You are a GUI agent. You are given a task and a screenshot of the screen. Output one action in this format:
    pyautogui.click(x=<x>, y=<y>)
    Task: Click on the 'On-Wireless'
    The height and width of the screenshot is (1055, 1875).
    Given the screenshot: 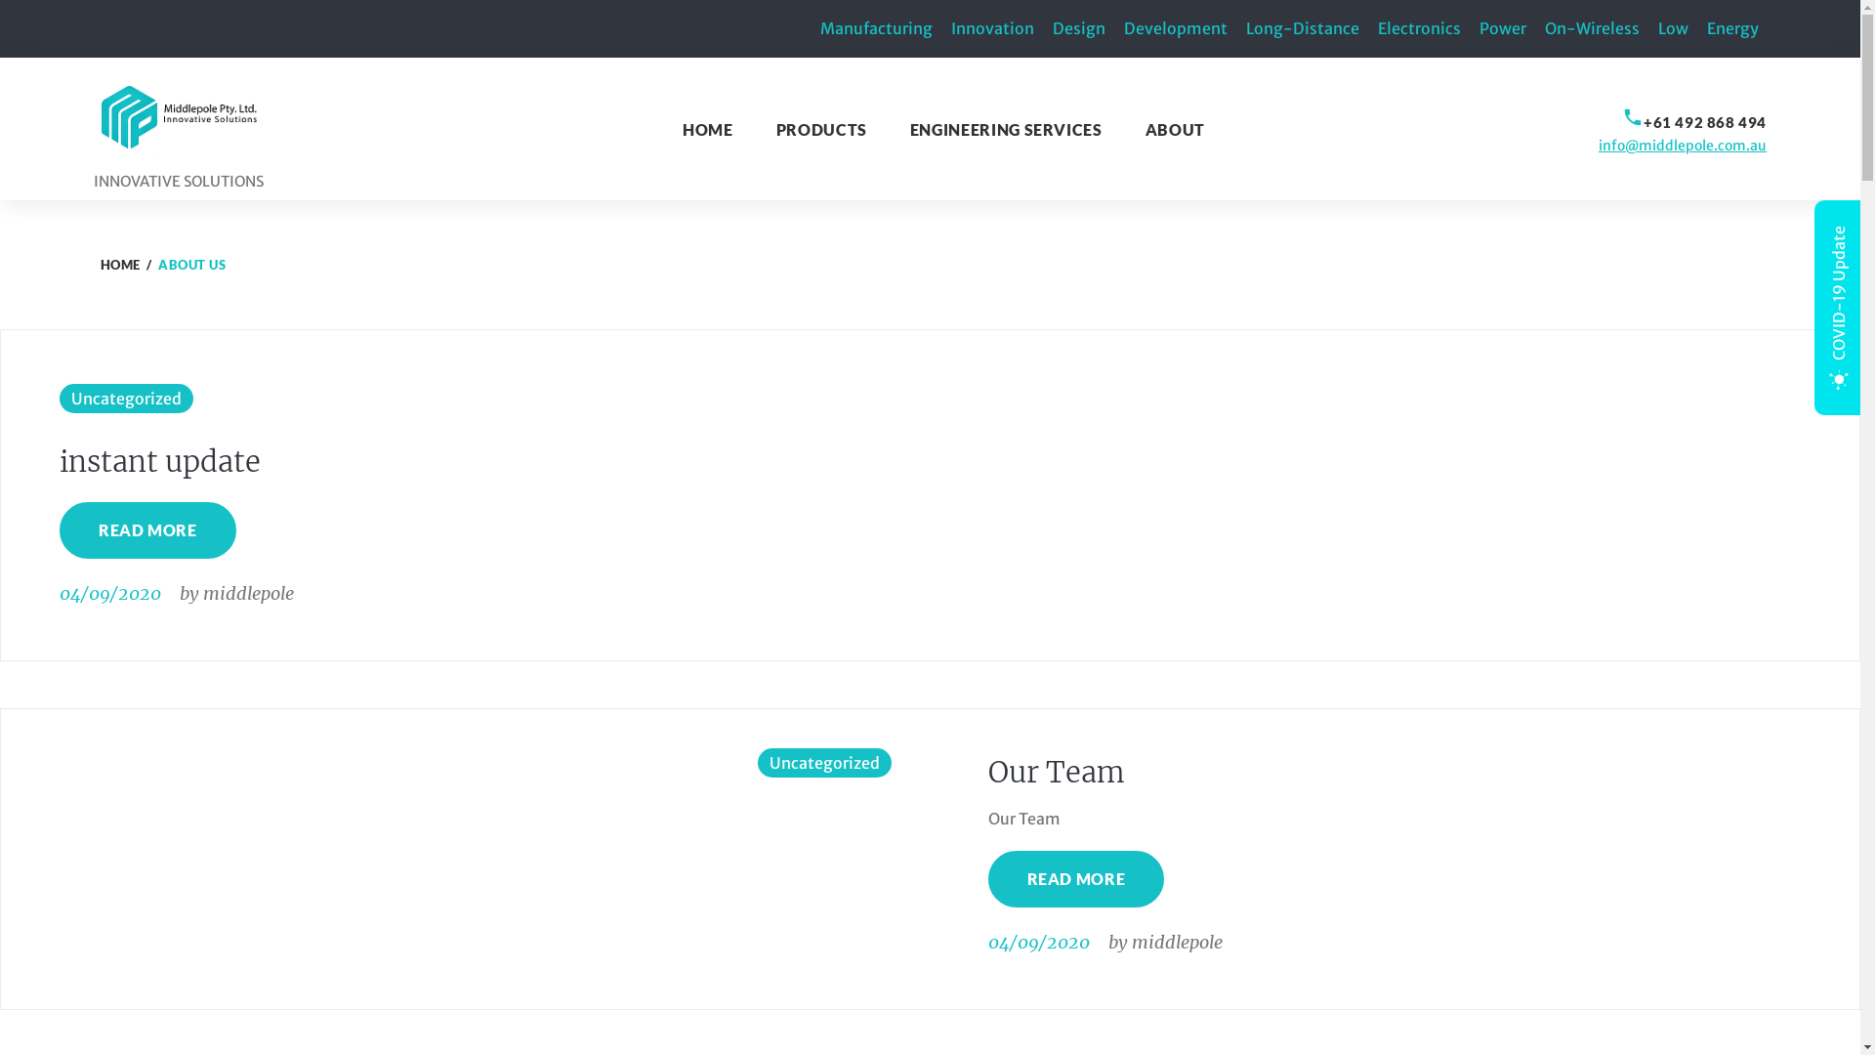 What is the action you would take?
    pyautogui.click(x=1592, y=28)
    